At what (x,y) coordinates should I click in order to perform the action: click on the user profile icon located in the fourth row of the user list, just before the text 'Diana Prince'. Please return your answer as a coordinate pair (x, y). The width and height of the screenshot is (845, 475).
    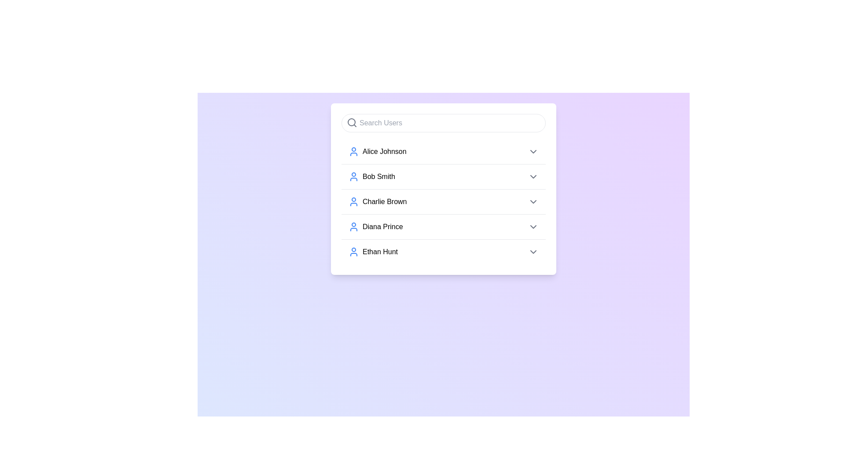
    Looking at the image, I should click on (354, 227).